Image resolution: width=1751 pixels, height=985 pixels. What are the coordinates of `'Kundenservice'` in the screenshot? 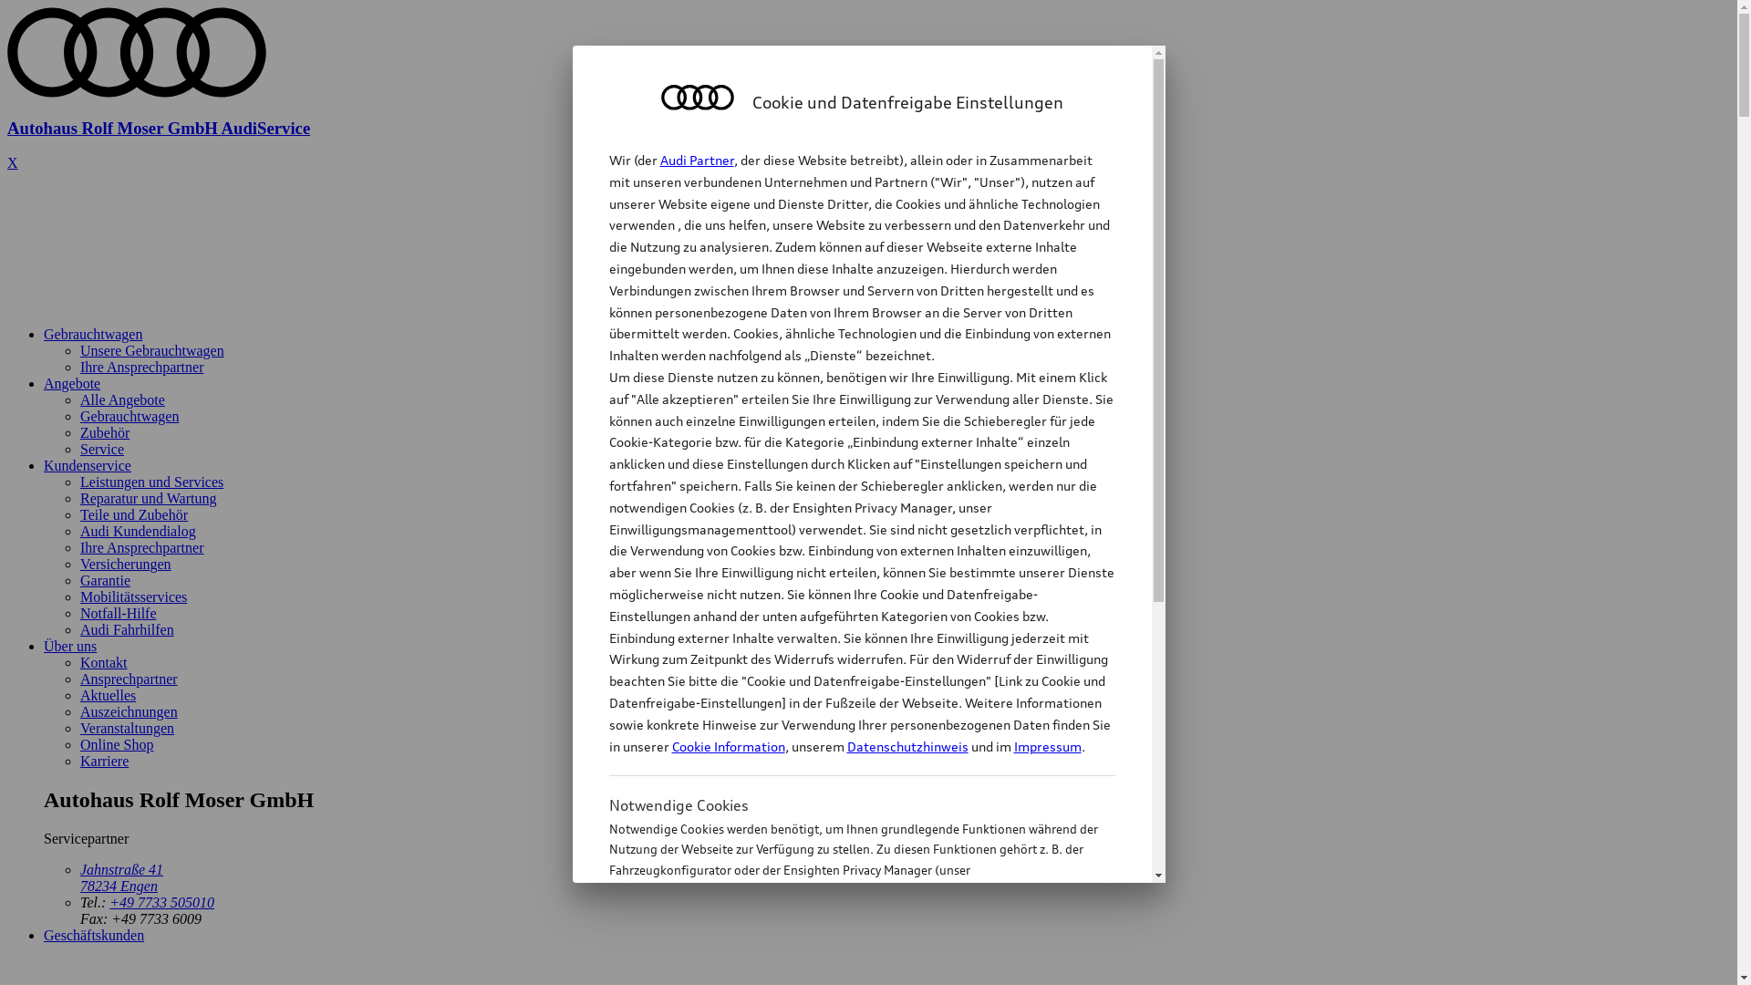 It's located at (87, 464).